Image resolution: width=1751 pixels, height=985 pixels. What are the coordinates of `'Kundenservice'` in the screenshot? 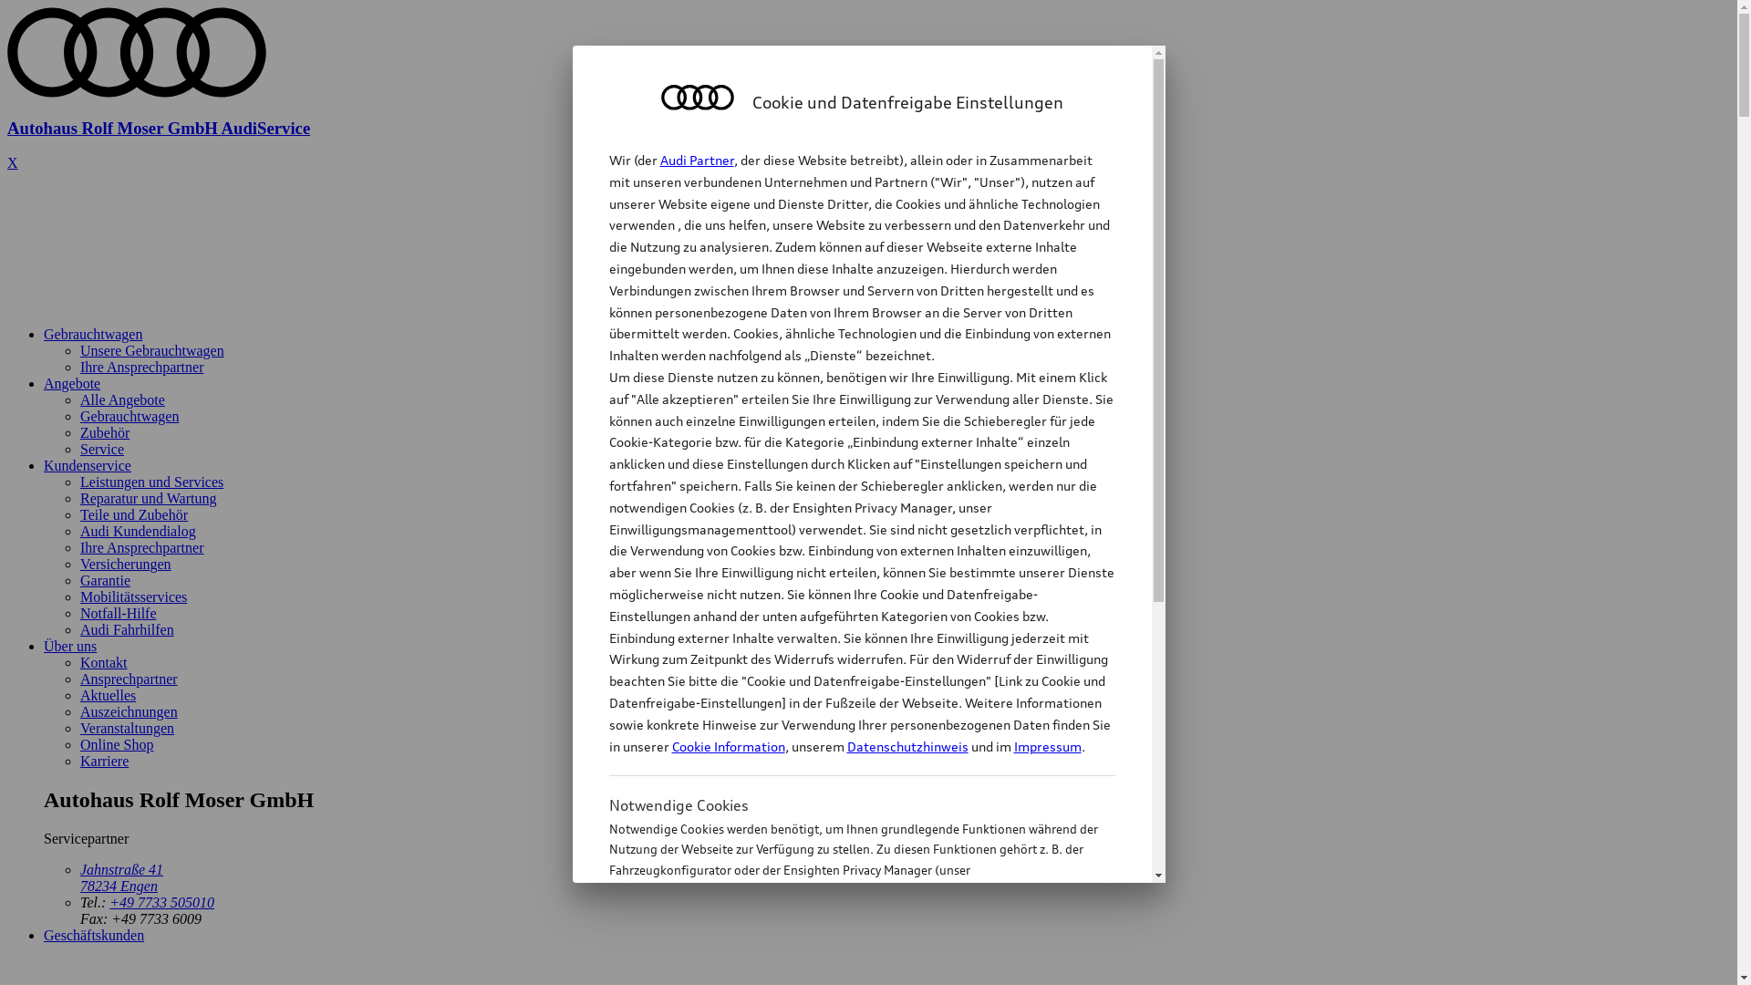 It's located at (87, 464).